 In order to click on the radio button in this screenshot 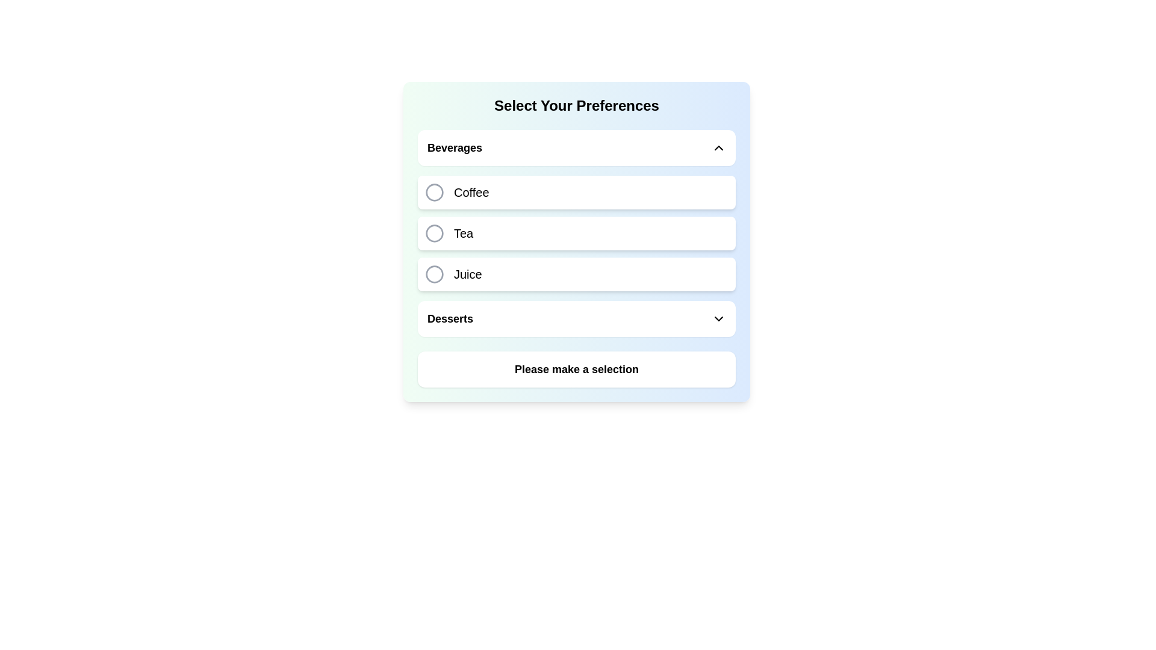, I will do `click(433, 234)`.